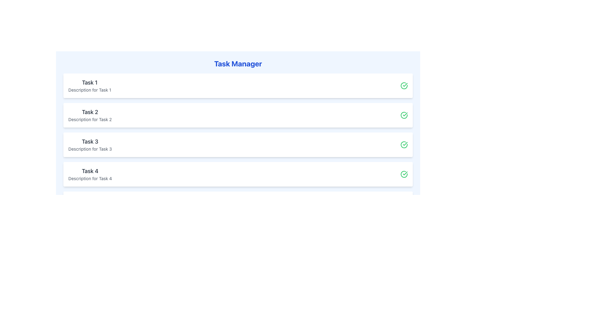 This screenshot has height=332, width=591. What do you see at coordinates (238, 174) in the screenshot?
I see `to select the task represented by the fourth item in the task management list, which is located between 'Task 3' and 'Task 5'` at bounding box center [238, 174].